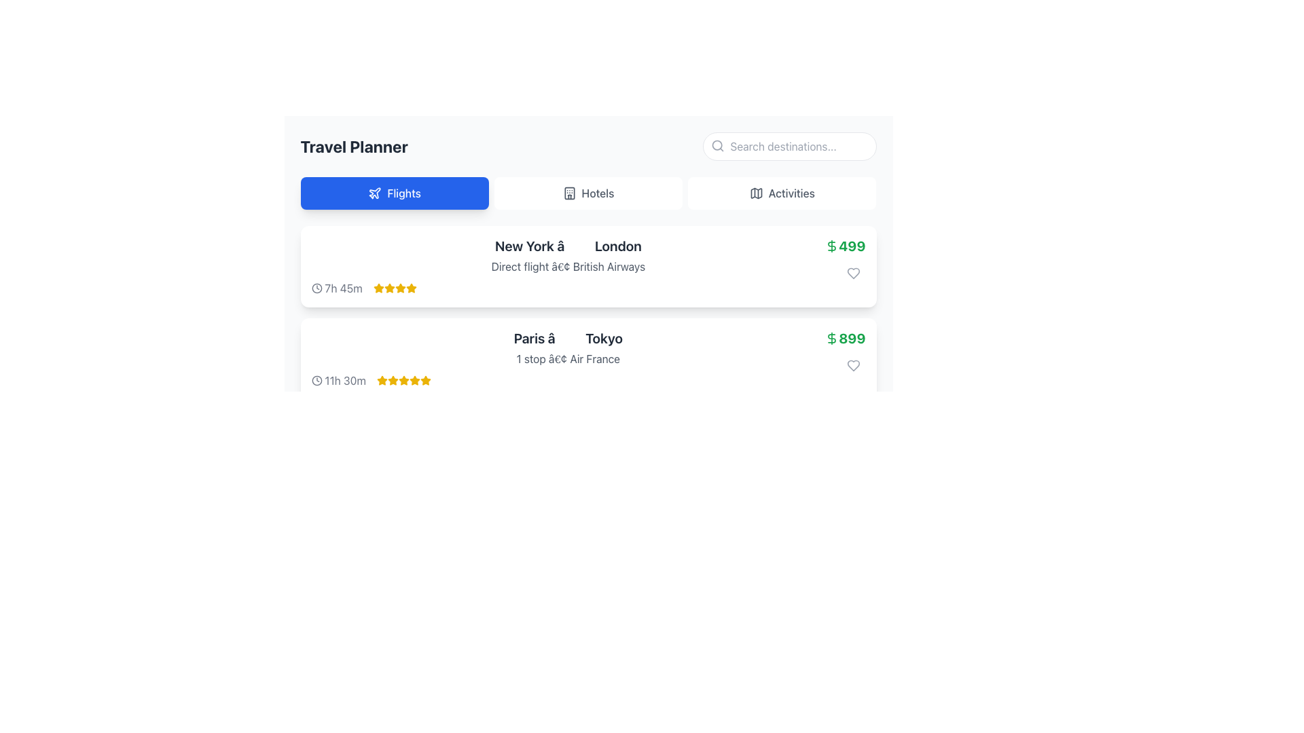 The image size is (1304, 733). Describe the element at coordinates (588, 313) in the screenshot. I see `the List of flight options element displaying flight details between two cities` at that location.